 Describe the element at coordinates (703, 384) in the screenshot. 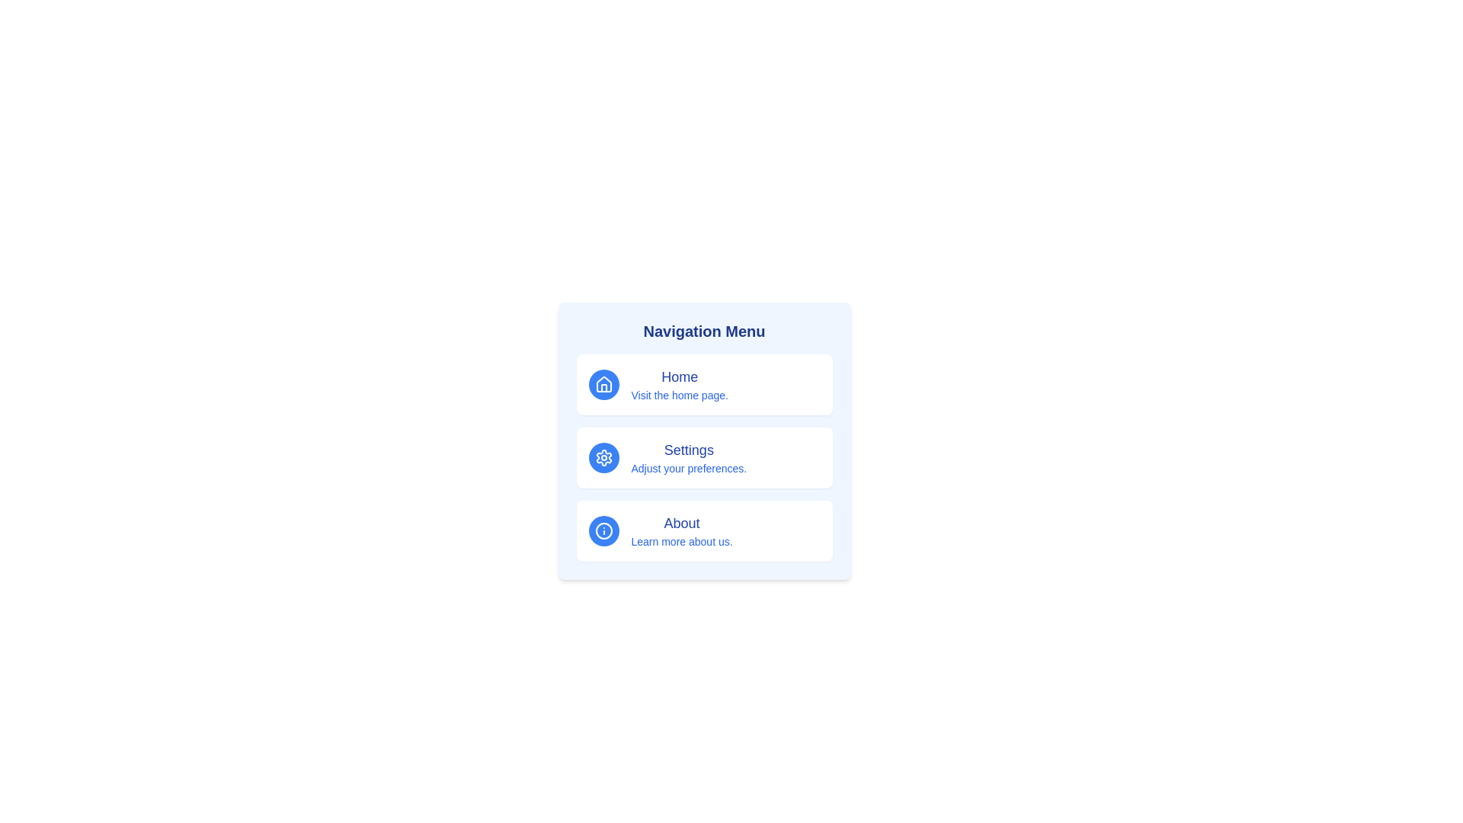

I see `the 'Home' button in the navigation menu, which is a rectangular card featuring a house icon and the text 'Home'` at that location.